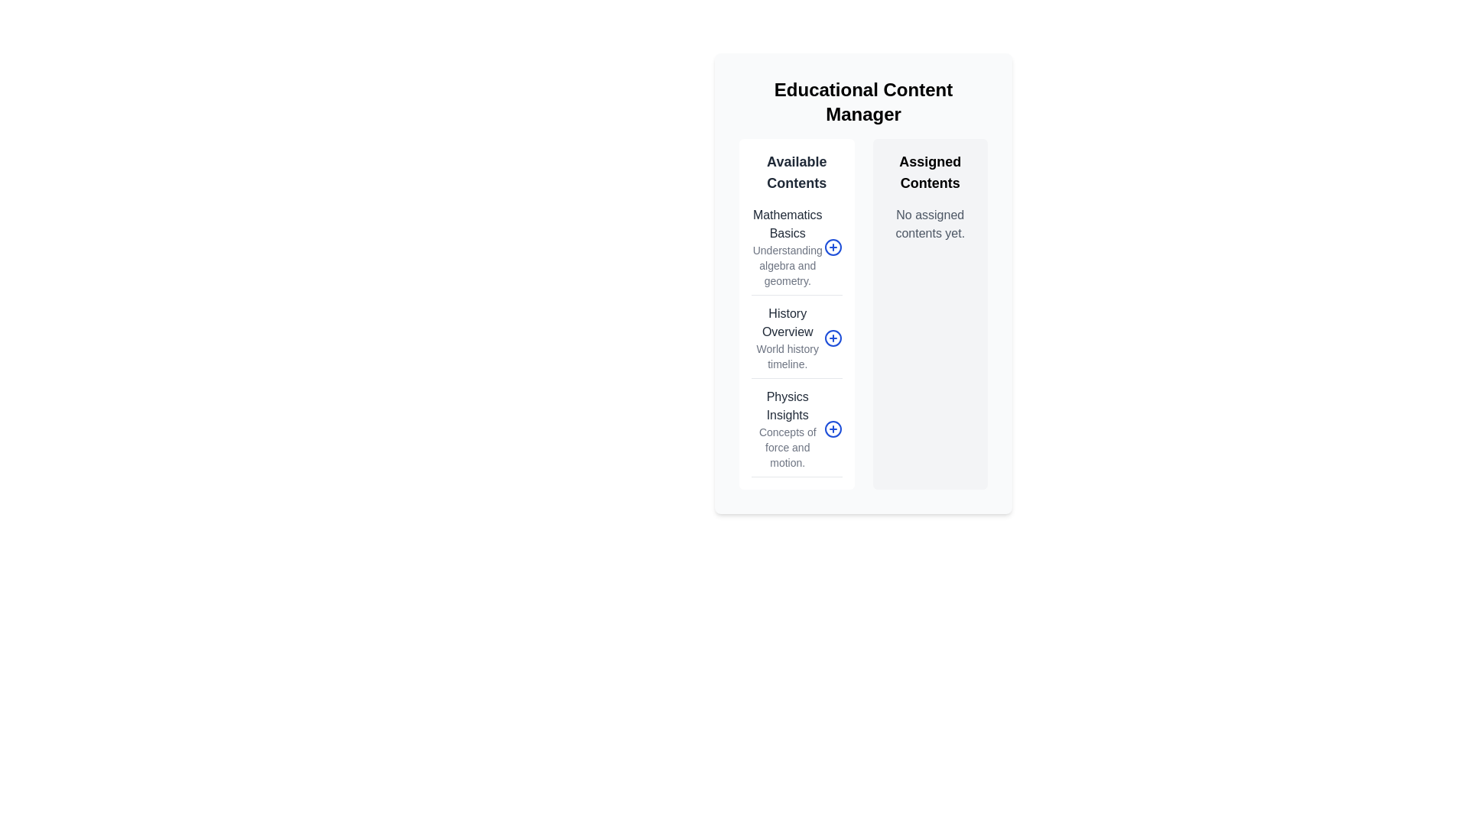 This screenshot has width=1468, height=825. I want to click on the 'Physics Insights' text label, which is the third item in the 'Available Contents' list under the 'Educational Content Manager' heading, so click(788, 429).